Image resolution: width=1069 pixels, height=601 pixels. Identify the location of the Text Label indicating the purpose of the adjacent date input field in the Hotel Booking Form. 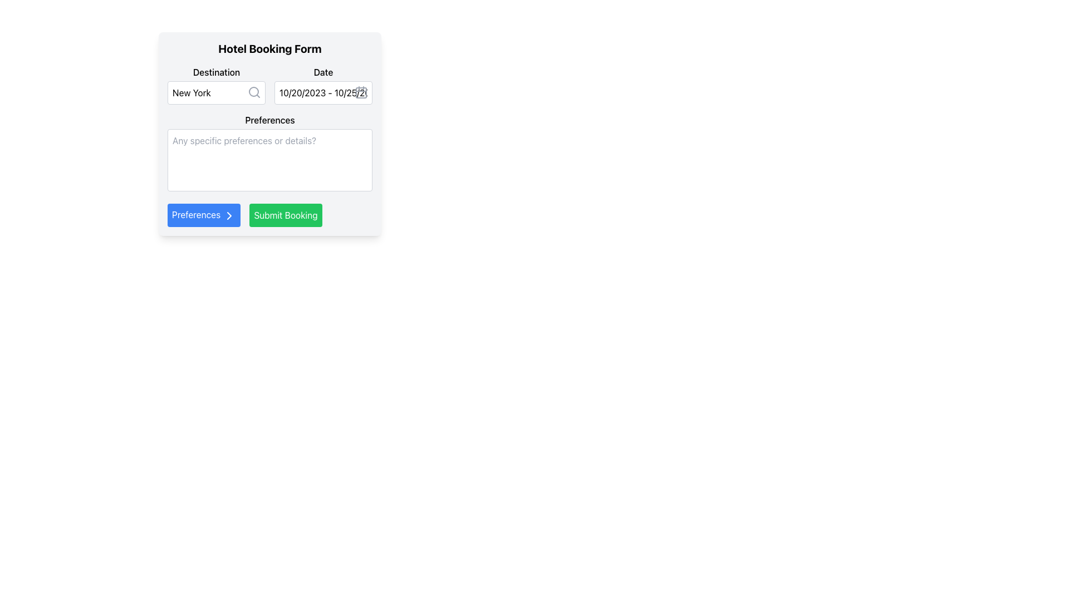
(322, 72).